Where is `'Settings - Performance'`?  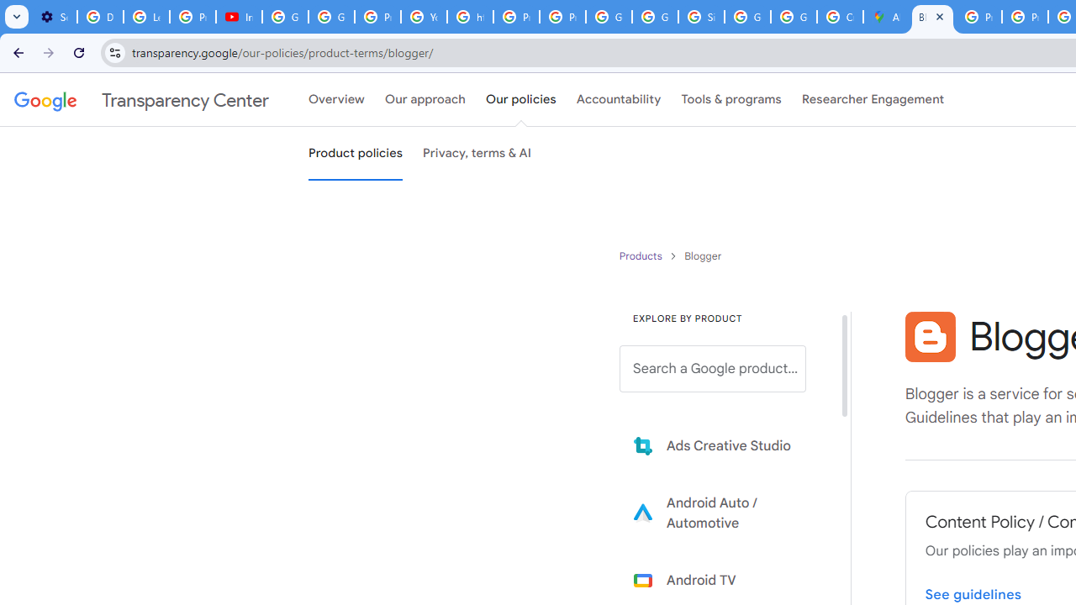 'Settings - Performance' is located at coordinates (54, 17).